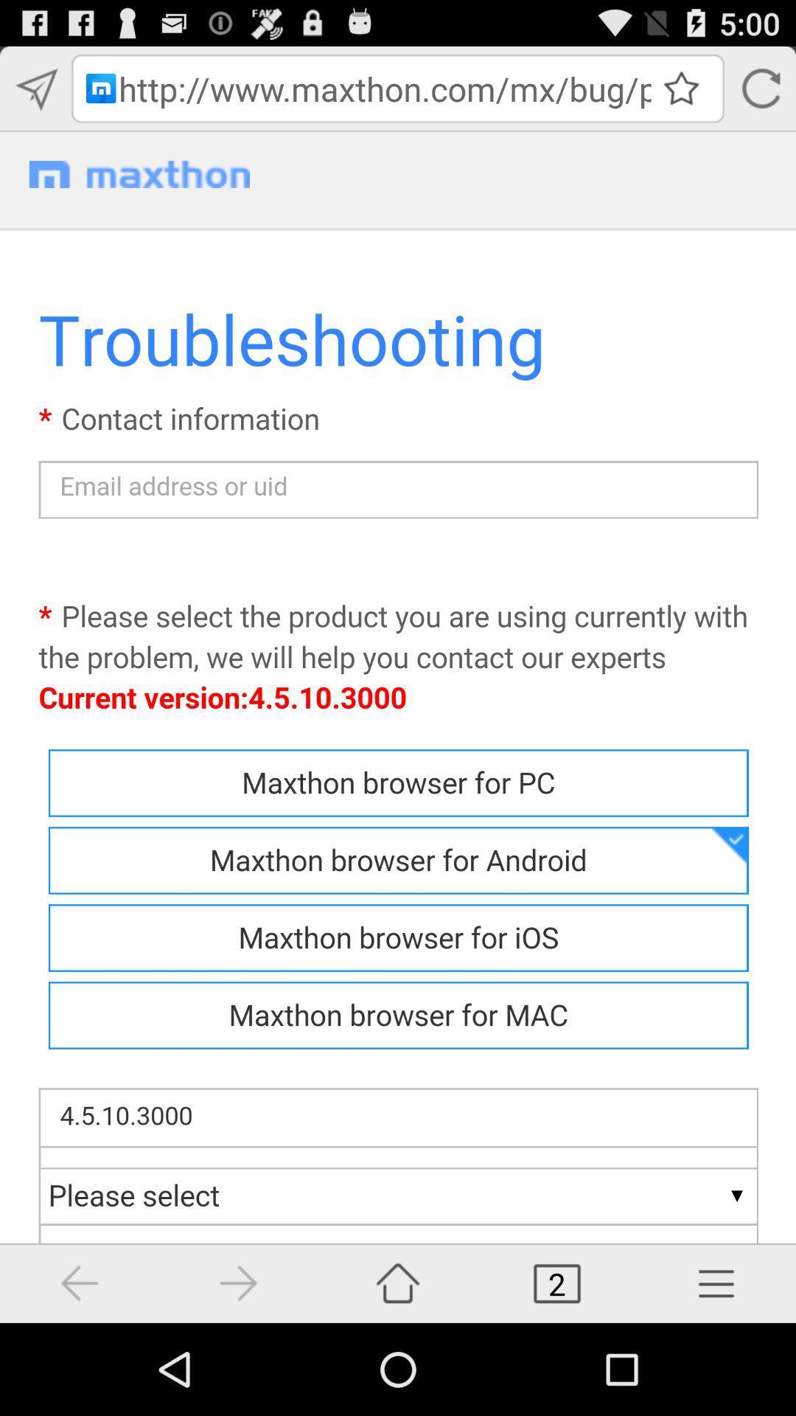 The image size is (796, 1416). I want to click on the send icon, so click(35, 94).